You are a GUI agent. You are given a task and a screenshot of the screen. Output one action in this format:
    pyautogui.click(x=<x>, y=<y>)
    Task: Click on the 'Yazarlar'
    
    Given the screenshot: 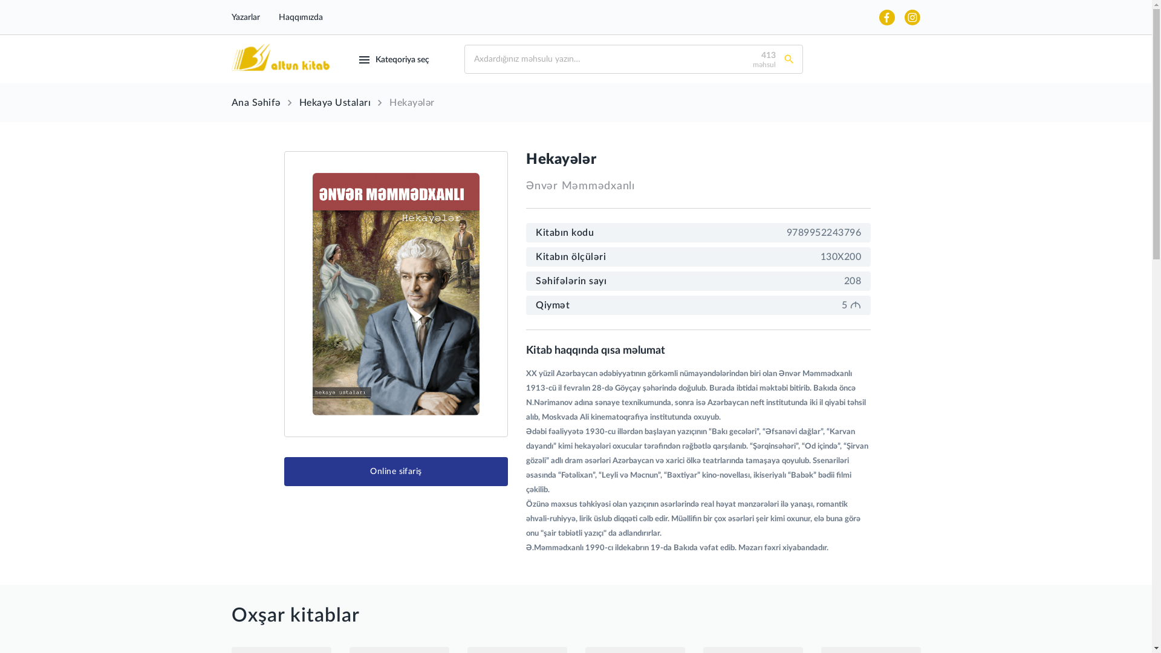 What is the action you would take?
    pyautogui.click(x=244, y=18)
    